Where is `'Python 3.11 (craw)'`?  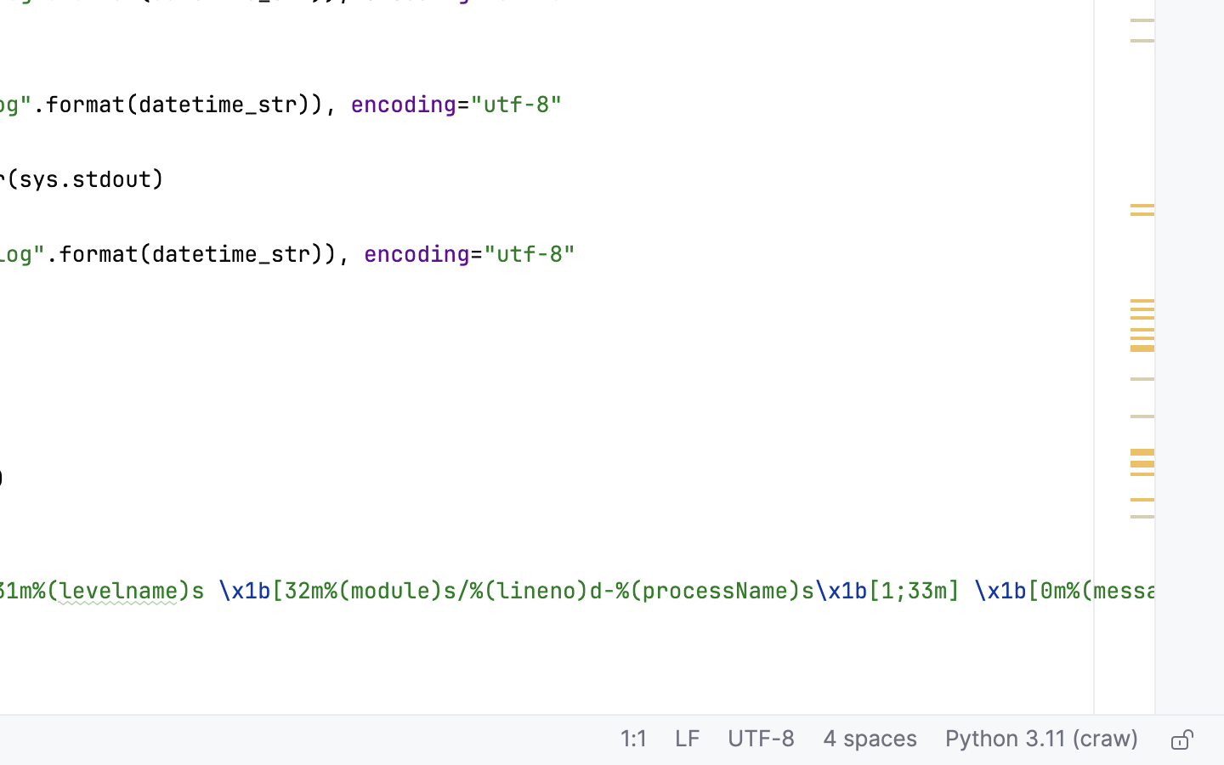 'Python 3.11 (craw)' is located at coordinates (1041, 740).